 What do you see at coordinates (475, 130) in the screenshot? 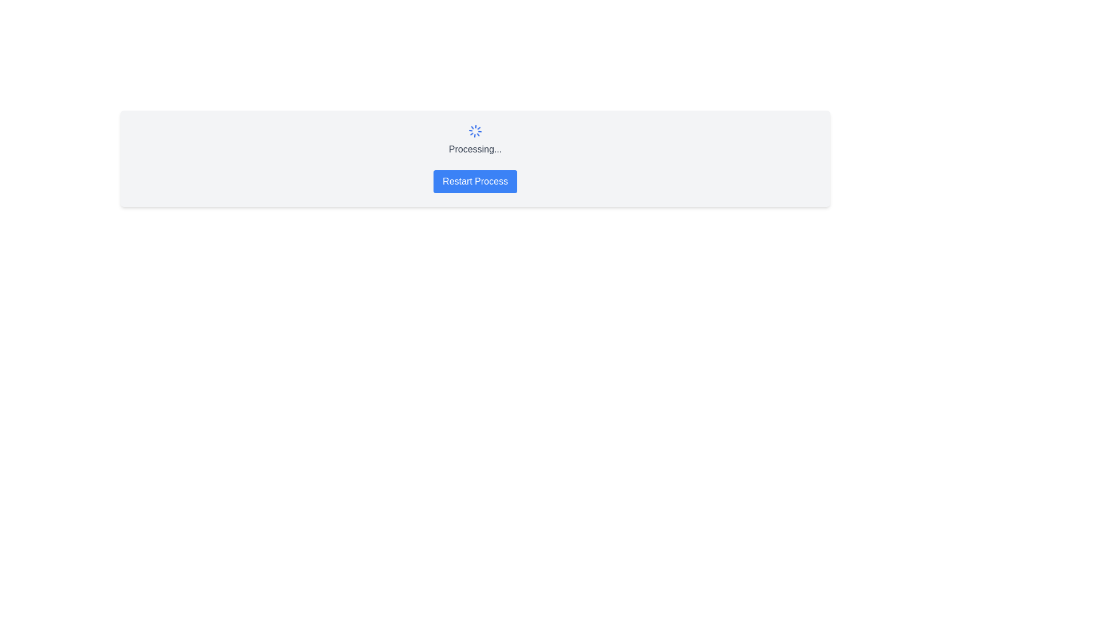
I see `the Animated Loader Icon, which serves as a visual indicator of an ongoing process, to suggest to users that the system is performing a task and they need to wait` at bounding box center [475, 130].